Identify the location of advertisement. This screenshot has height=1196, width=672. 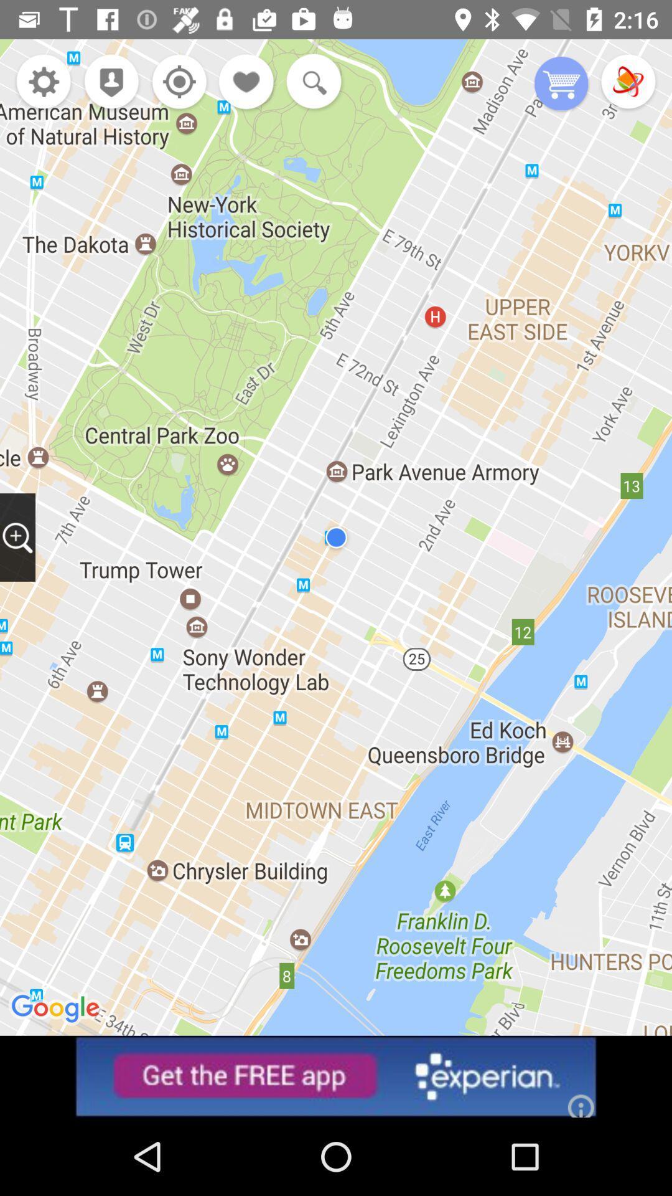
(336, 1076).